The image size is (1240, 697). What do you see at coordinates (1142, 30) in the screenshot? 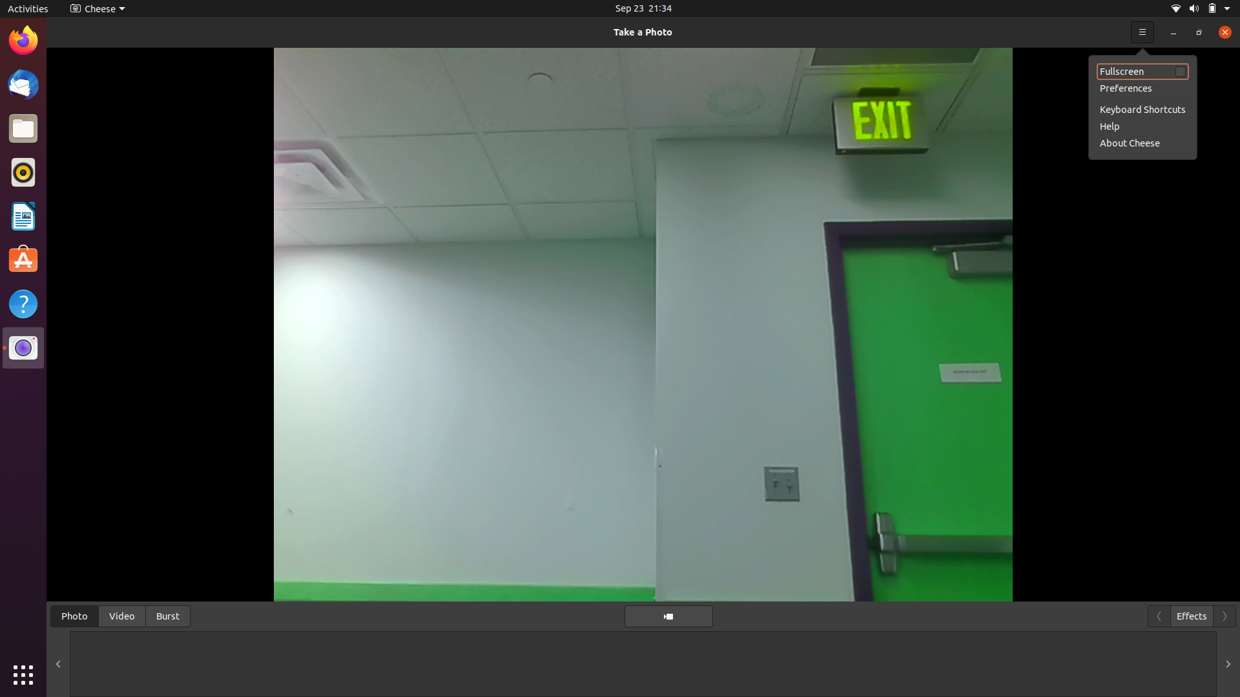
I see `Maximize the camera screen view` at bounding box center [1142, 30].